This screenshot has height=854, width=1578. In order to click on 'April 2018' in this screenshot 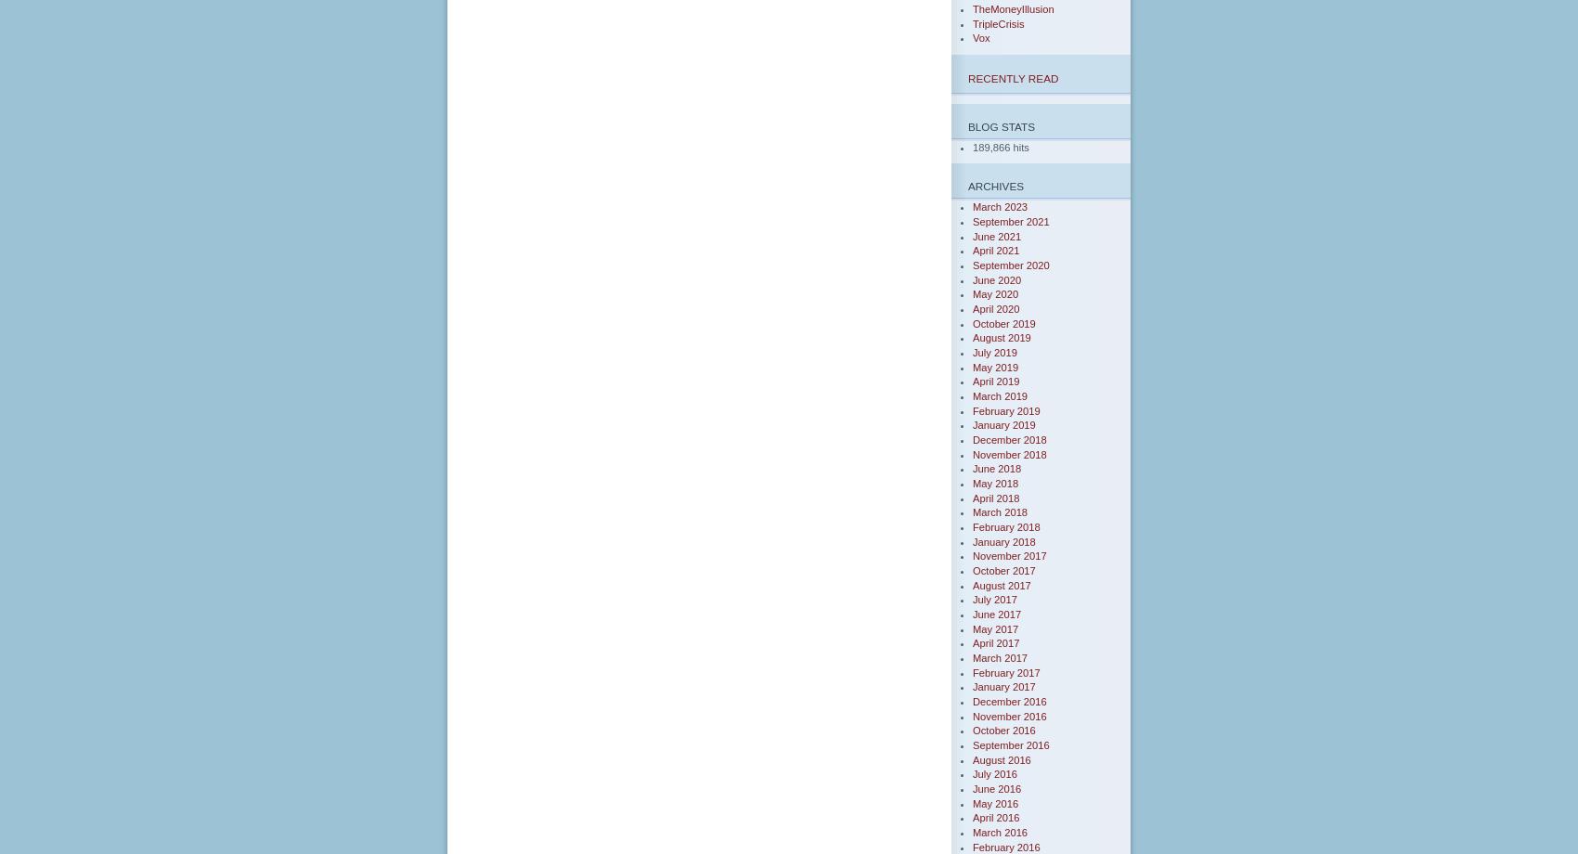, I will do `click(996, 497)`.